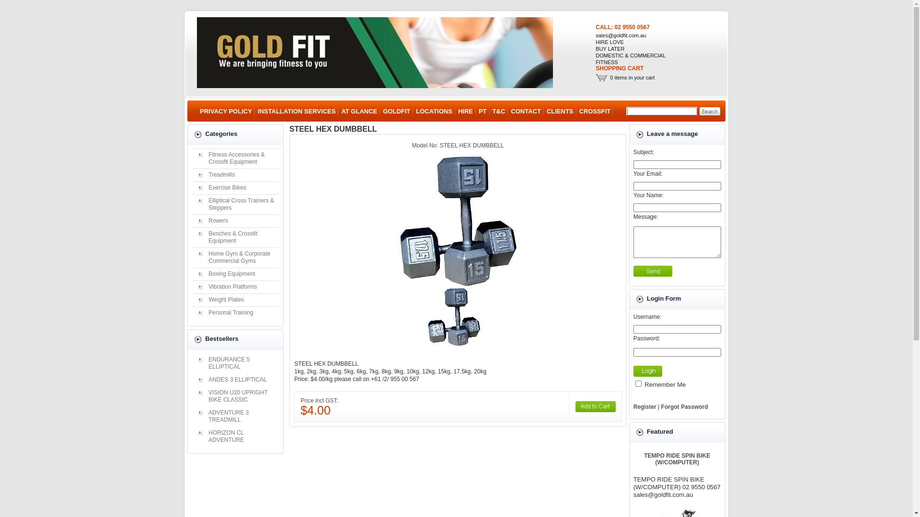 The width and height of the screenshot is (920, 517). What do you see at coordinates (235, 204) in the screenshot?
I see `'Elliptical Cross Trainers & Steppers'` at bounding box center [235, 204].